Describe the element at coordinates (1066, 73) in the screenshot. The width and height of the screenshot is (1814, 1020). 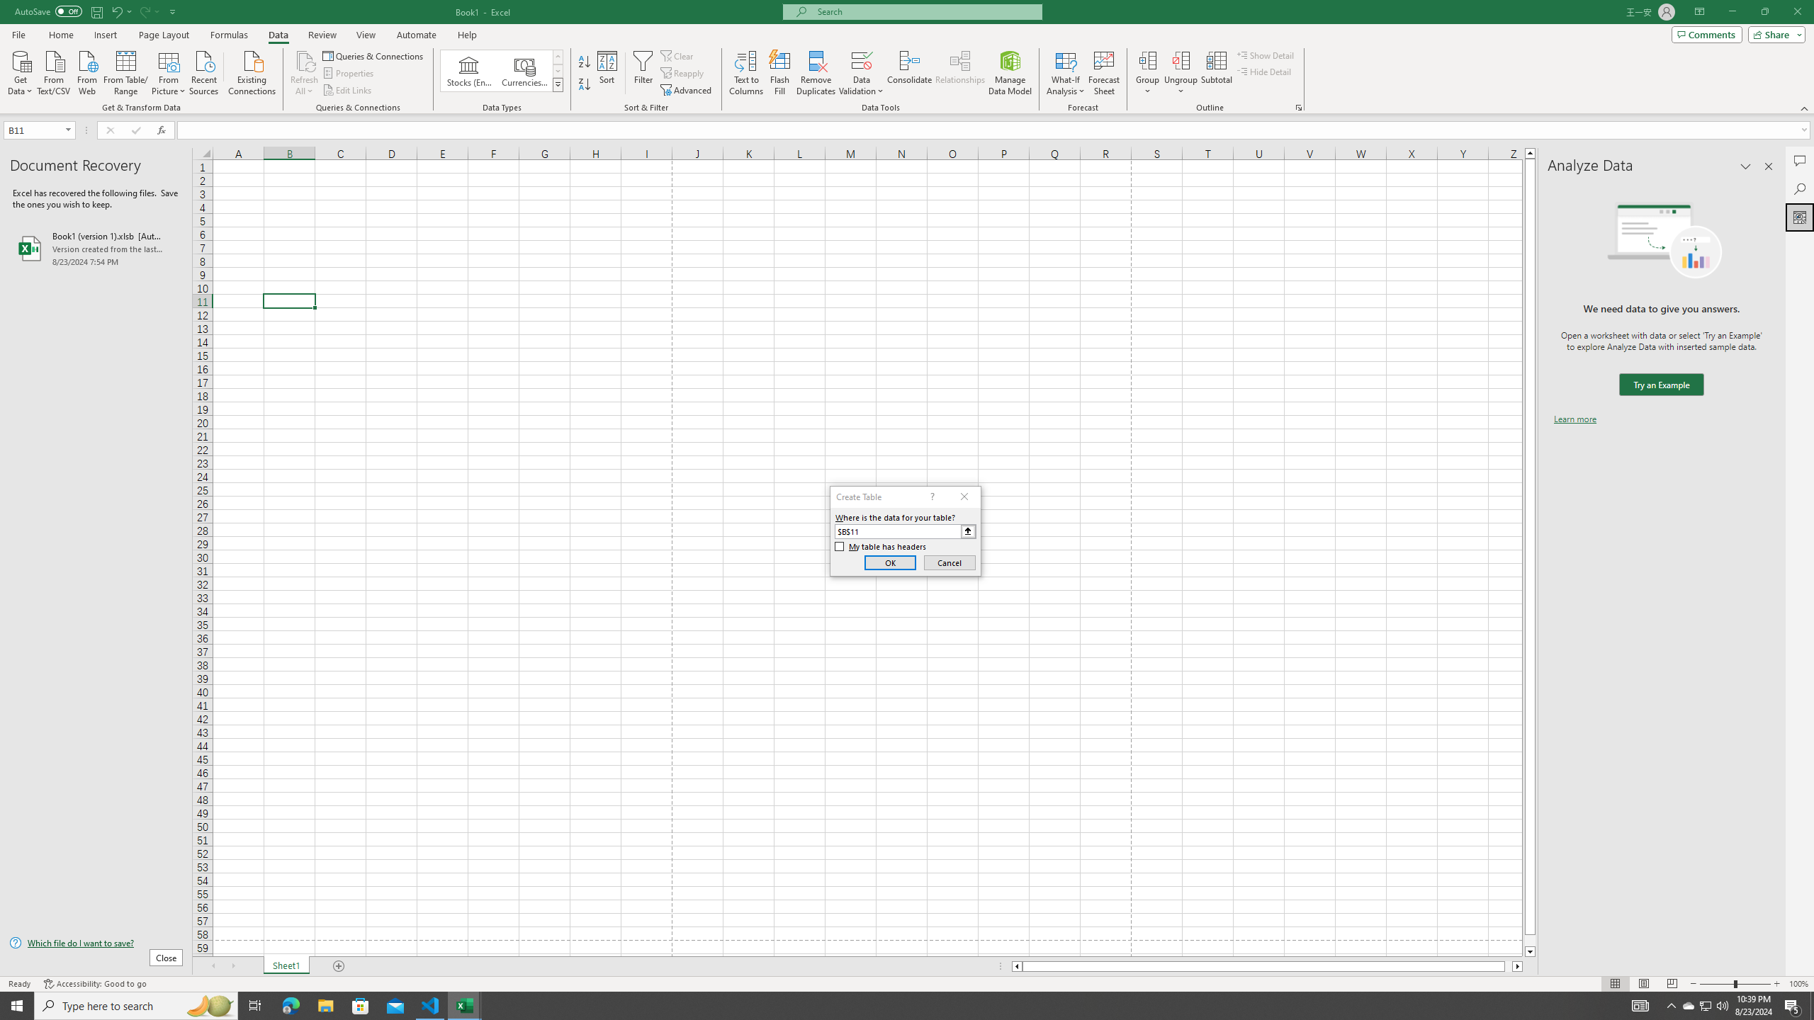
I see `'What-If Analysis'` at that location.